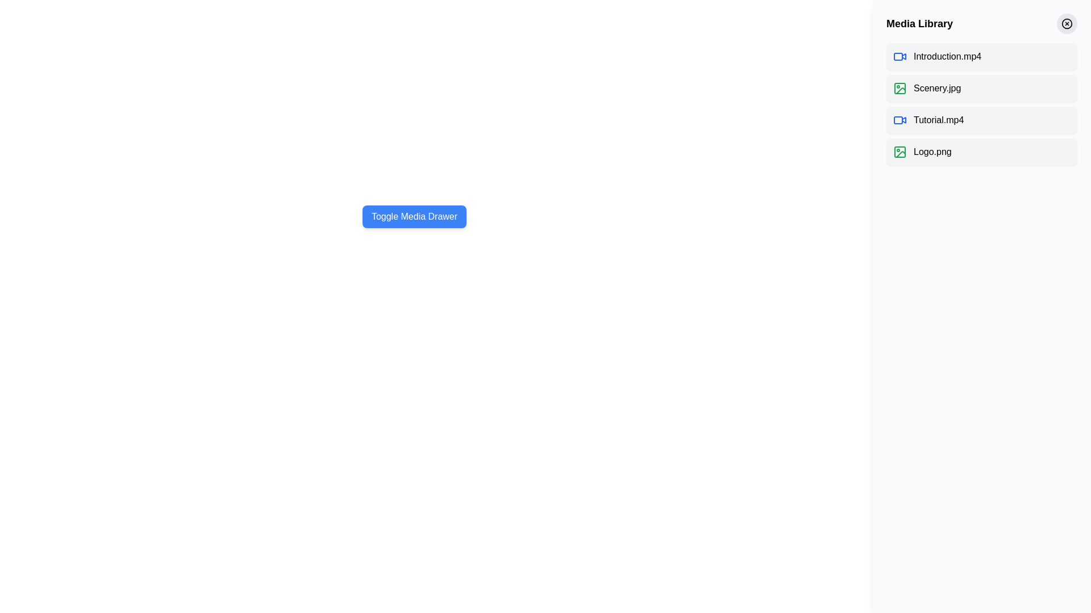  What do you see at coordinates (903, 56) in the screenshot?
I see `the triangular play button icon located in the Media Library section, which is blue and positioned before the text 'Introduction.mp4'` at bounding box center [903, 56].